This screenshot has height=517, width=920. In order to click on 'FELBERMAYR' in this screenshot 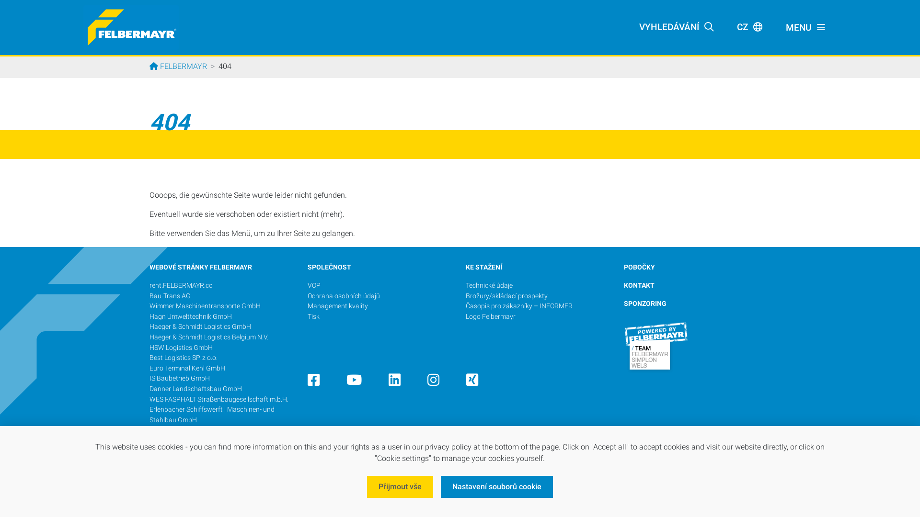, I will do `click(178, 66)`.